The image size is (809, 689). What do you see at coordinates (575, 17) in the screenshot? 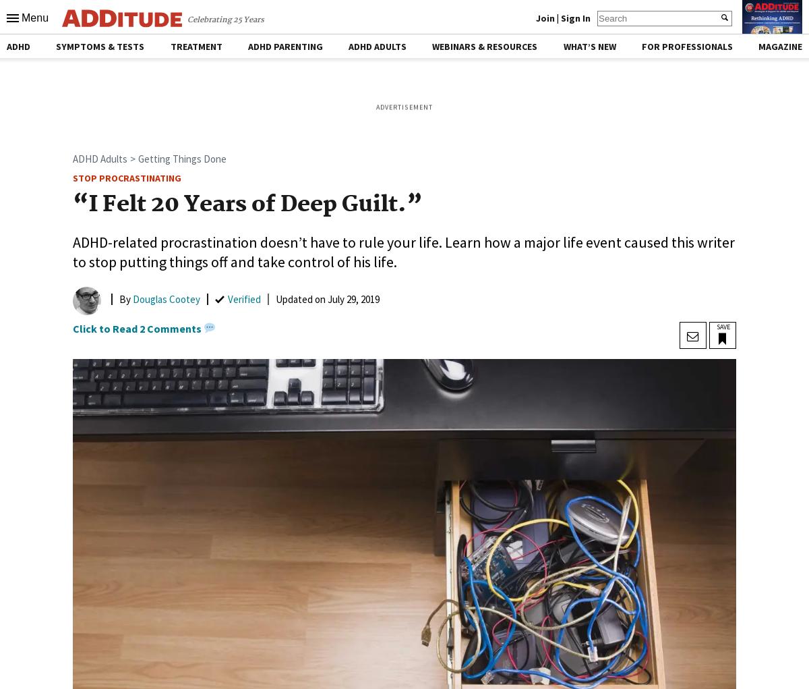
I see `'Sign In'` at bounding box center [575, 17].